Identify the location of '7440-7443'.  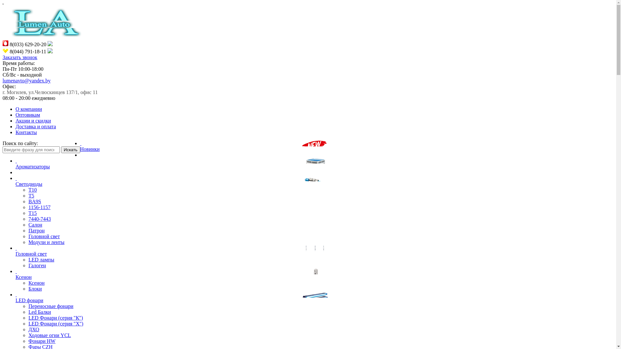
(39, 218).